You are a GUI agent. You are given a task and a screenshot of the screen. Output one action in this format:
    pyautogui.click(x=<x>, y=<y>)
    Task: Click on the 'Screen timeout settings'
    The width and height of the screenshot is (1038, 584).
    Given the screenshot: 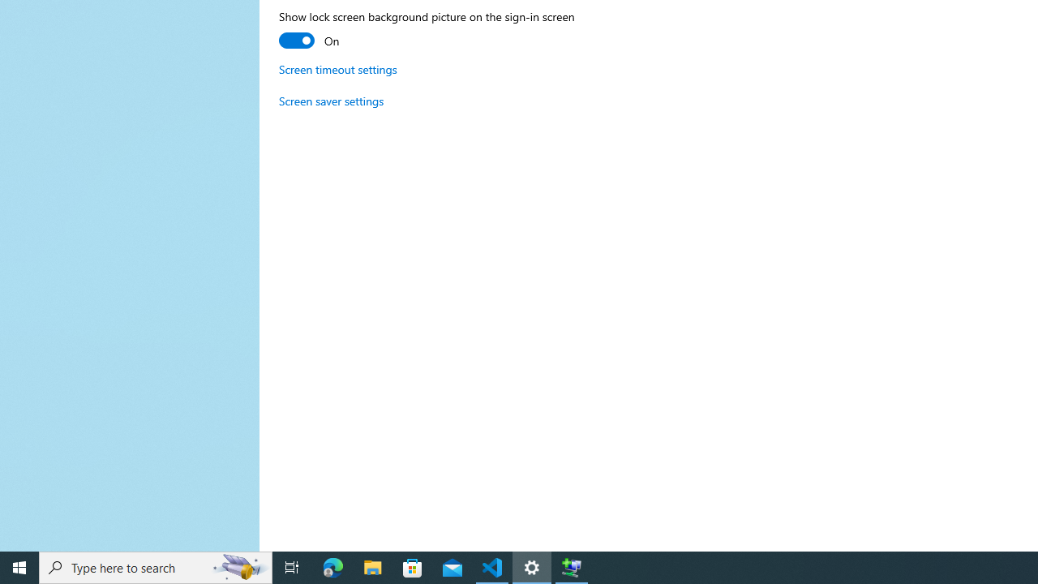 What is the action you would take?
    pyautogui.click(x=337, y=68)
    